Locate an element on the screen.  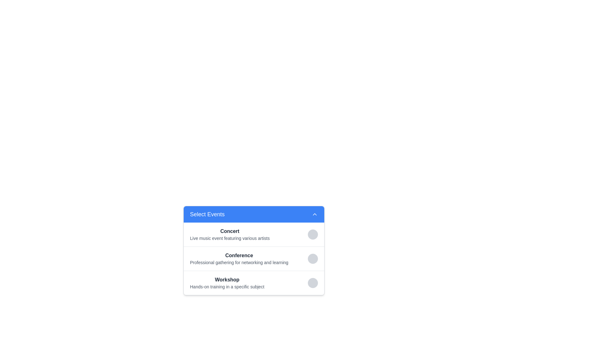
the conference event list item, which is positioned second in the vertical list between 'Concert' and 'Workshop' is located at coordinates (254, 258).